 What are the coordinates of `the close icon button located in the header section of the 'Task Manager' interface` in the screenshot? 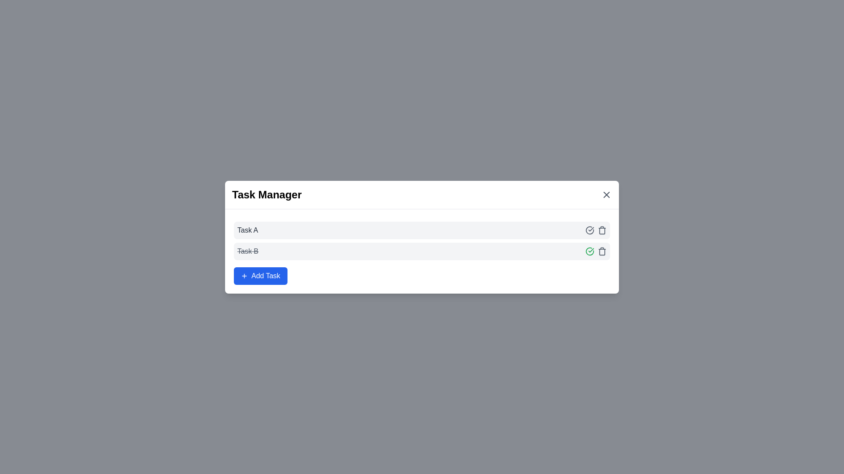 It's located at (606, 194).